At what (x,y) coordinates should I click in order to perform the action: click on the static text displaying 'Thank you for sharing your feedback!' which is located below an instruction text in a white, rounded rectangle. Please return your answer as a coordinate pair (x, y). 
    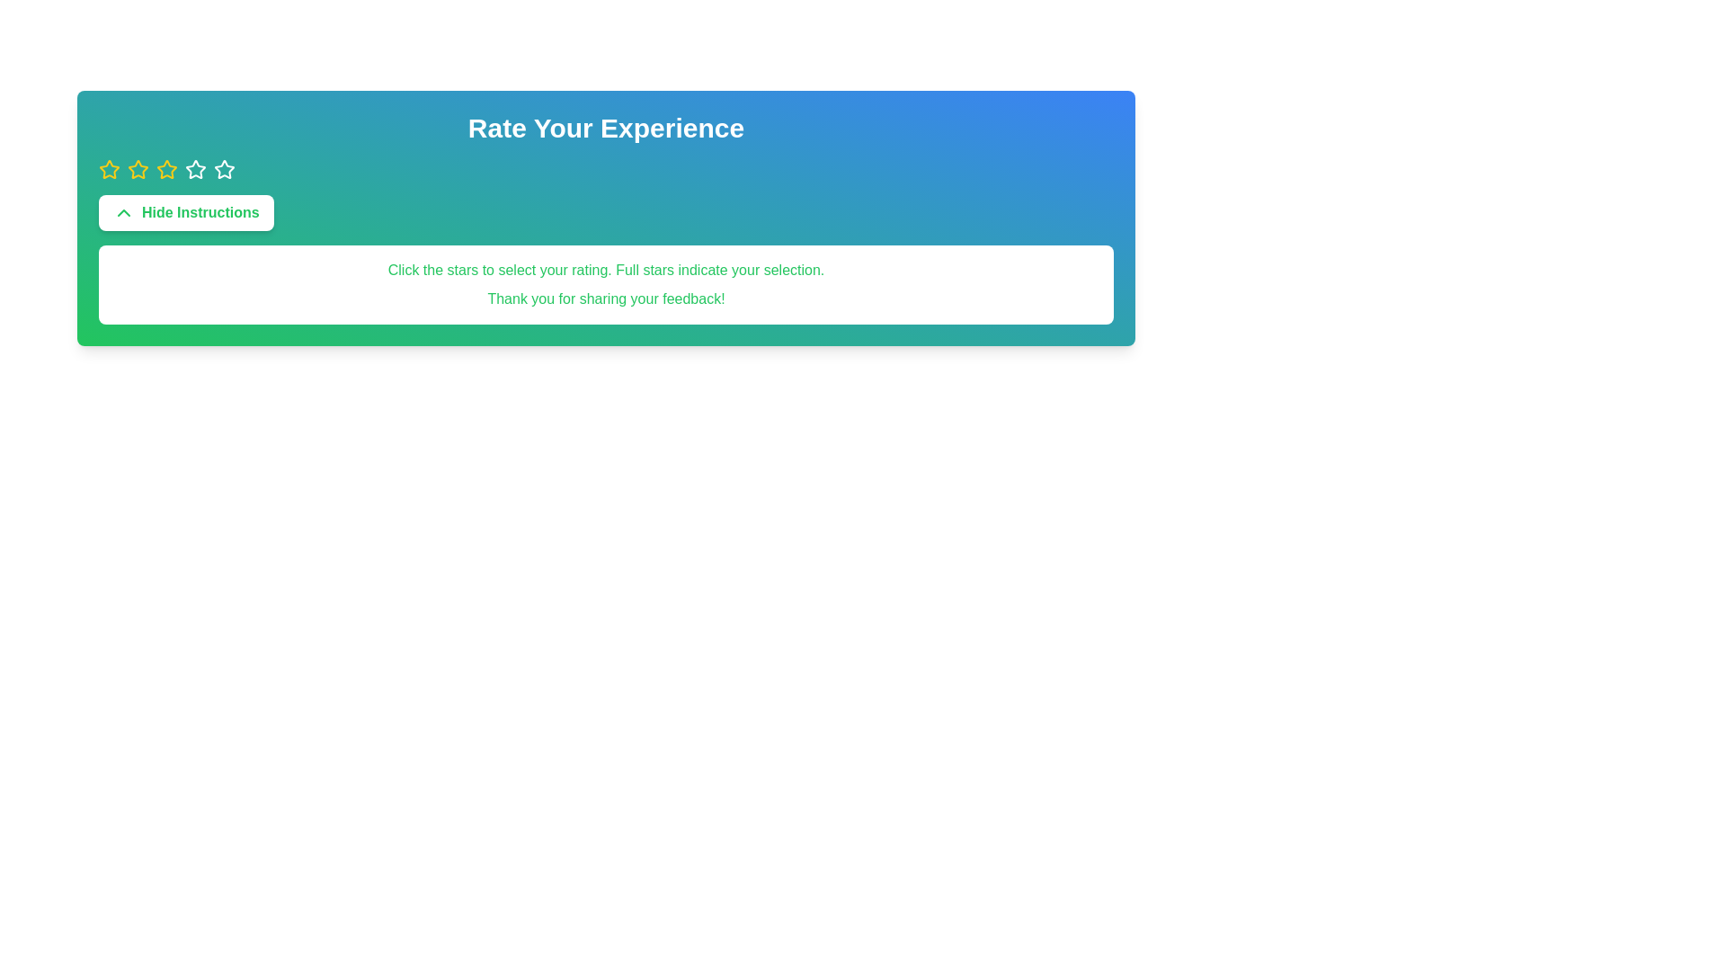
    Looking at the image, I should click on (606, 298).